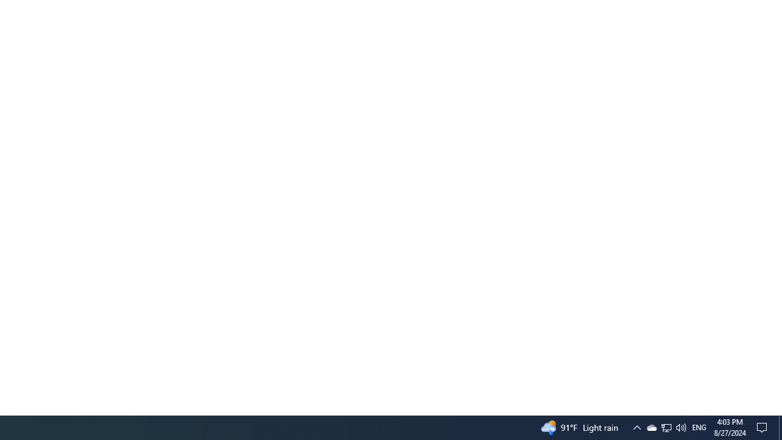 This screenshot has height=440, width=782. Describe the element at coordinates (780, 427) in the screenshot. I see `'Show desktop'` at that location.